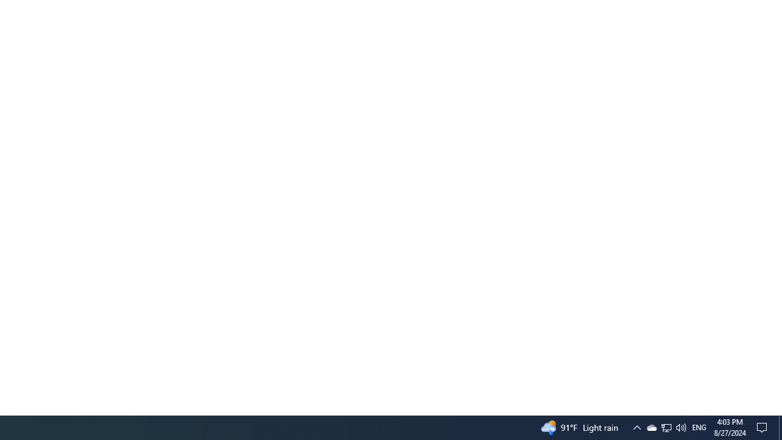 This screenshot has height=440, width=782. Describe the element at coordinates (780, 427) in the screenshot. I see `'Show desktop'` at that location.